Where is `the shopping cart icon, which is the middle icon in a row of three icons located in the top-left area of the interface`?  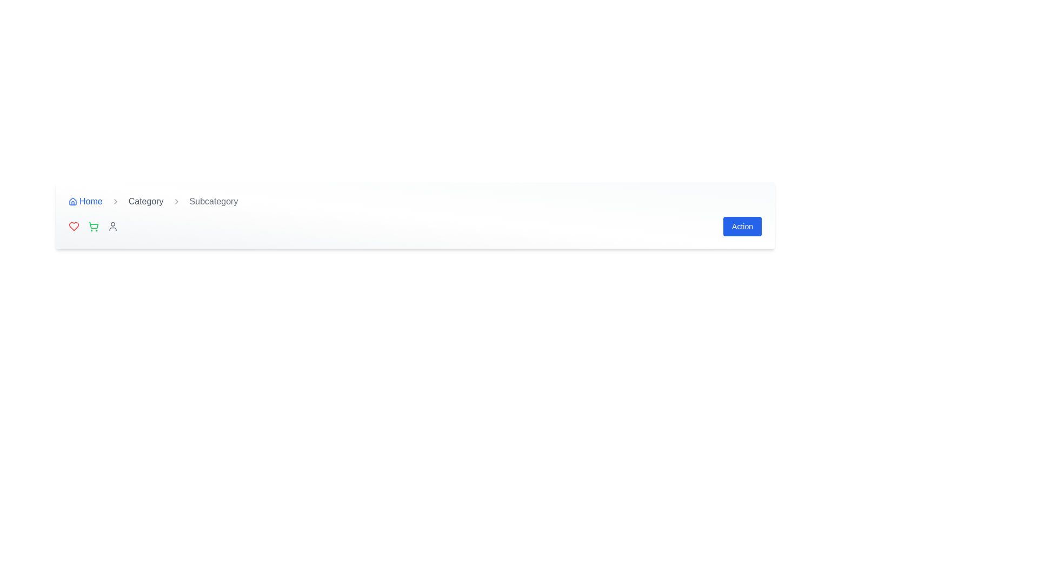 the shopping cart icon, which is the middle icon in a row of three icons located in the top-left area of the interface is located at coordinates (93, 226).